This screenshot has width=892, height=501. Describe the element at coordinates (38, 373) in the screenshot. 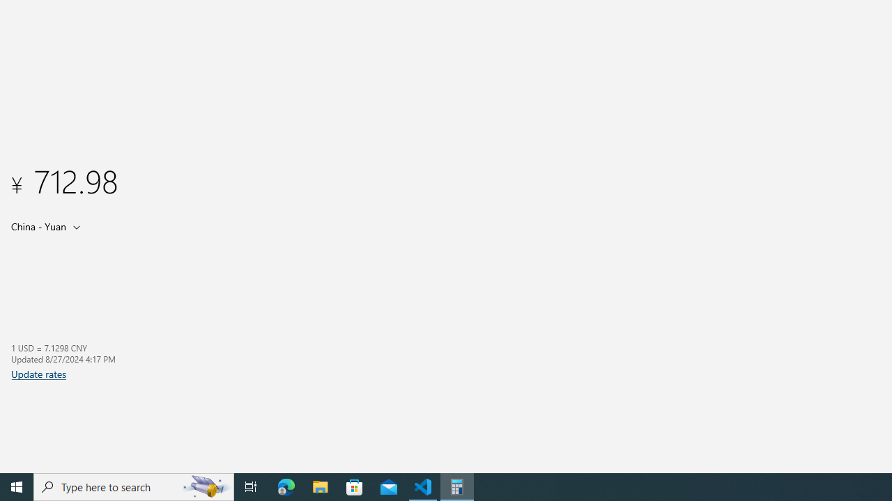

I see `'Update rates'` at that location.